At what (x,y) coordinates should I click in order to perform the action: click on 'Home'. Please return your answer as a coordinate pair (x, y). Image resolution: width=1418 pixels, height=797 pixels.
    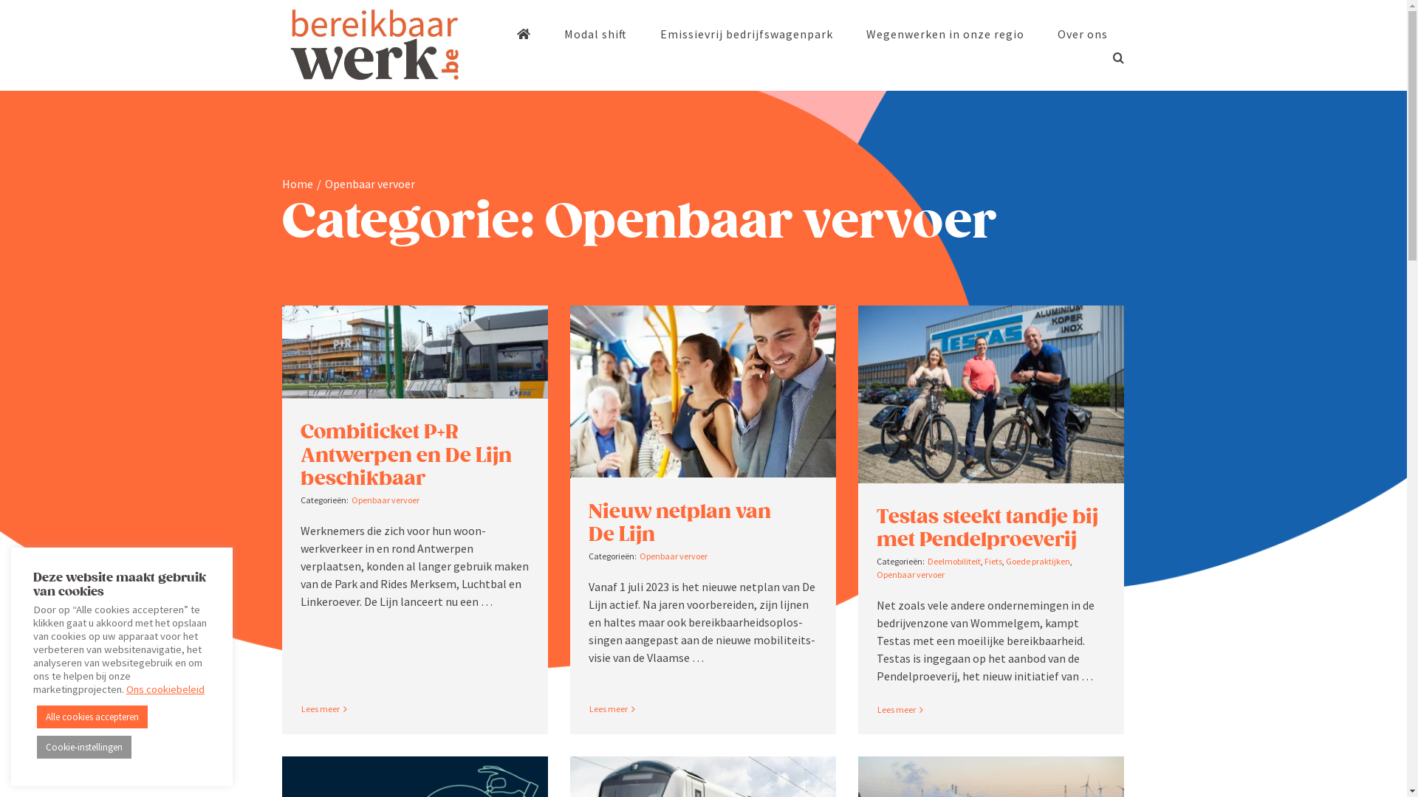
    Looking at the image, I should click on (297, 183).